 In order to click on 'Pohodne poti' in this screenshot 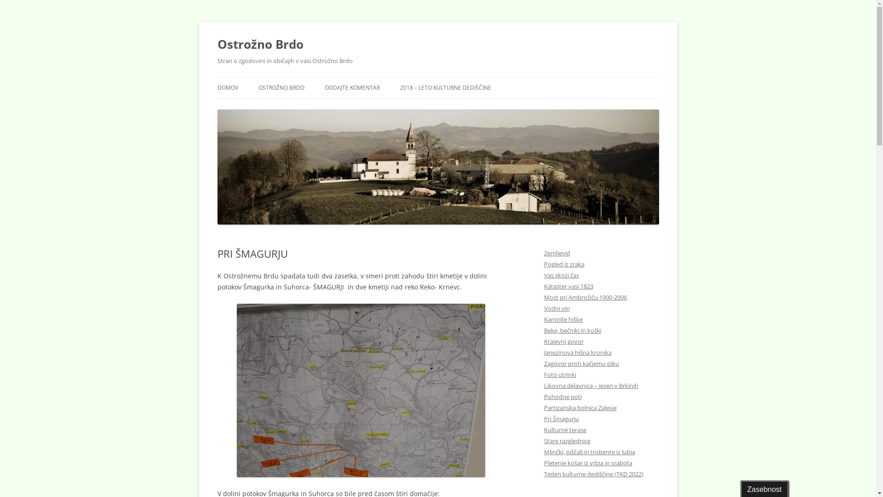, I will do `click(562, 396)`.